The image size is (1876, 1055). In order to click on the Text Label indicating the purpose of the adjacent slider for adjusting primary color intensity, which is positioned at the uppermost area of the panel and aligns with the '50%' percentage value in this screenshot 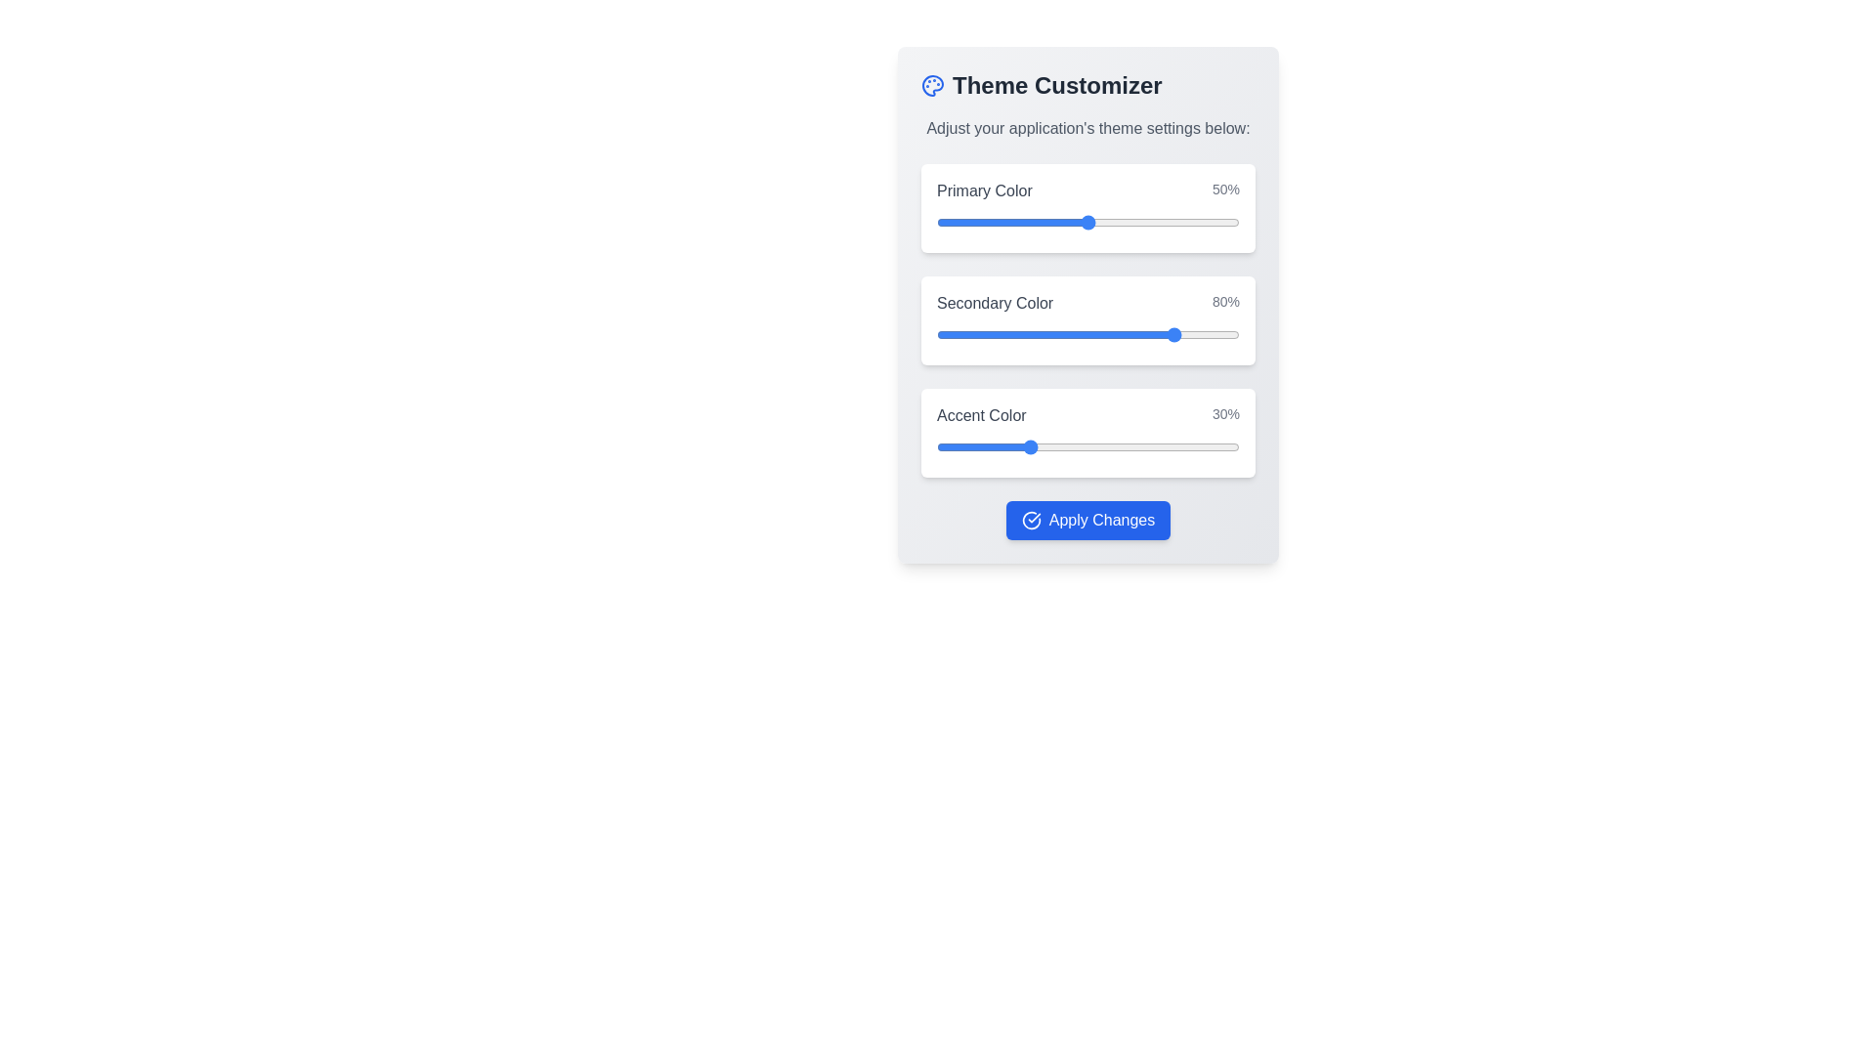, I will do `click(984, 191)`.